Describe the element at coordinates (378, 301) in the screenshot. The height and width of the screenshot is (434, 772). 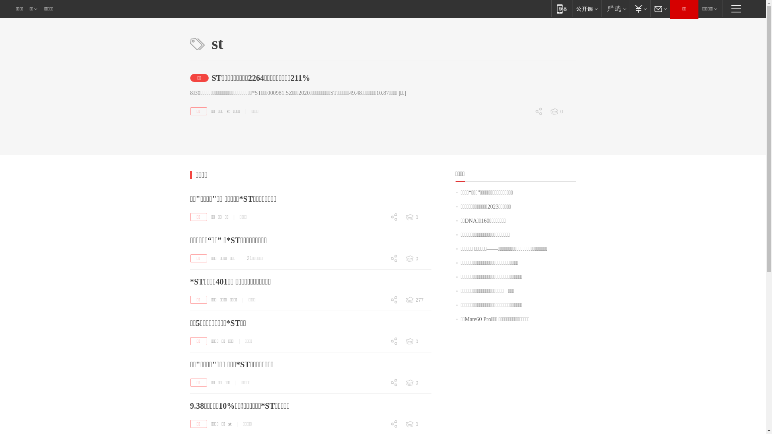
I see `'0'` at that location.